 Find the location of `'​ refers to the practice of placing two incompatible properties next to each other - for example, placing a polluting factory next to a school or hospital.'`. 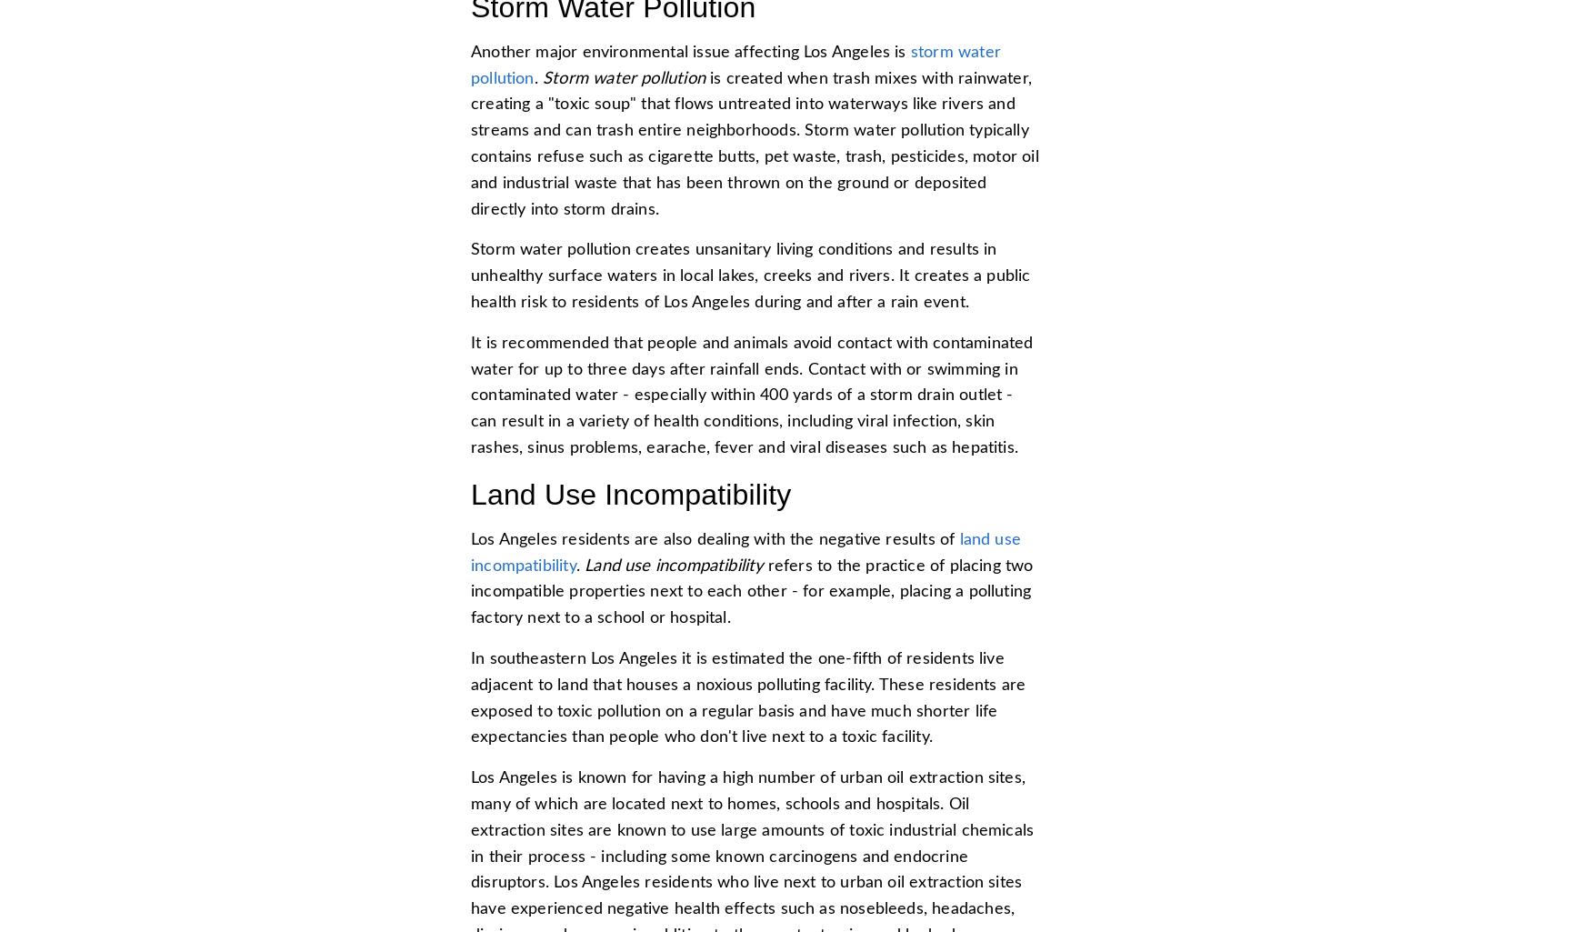

'​ refers to the practice of placing two incompatible properties next to each other - for example, placing a polluting factory next to a school or hospital.' is located at coordinates (470, 590).